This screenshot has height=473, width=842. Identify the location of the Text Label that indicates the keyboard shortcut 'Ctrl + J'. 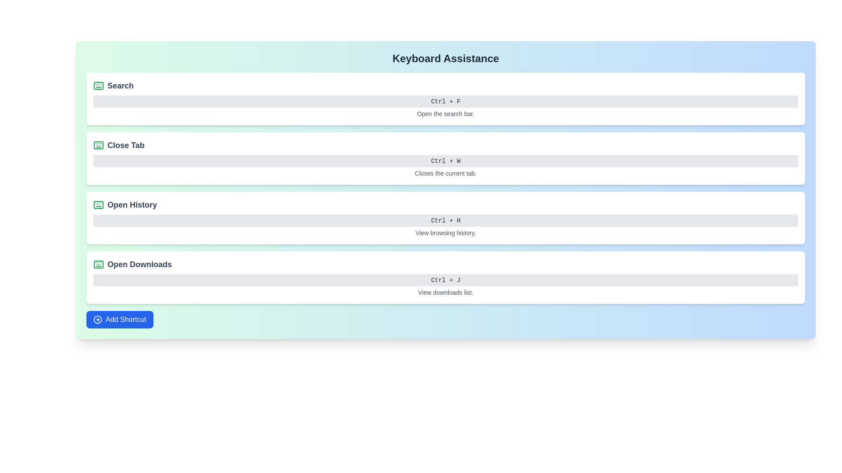
(446, 280).